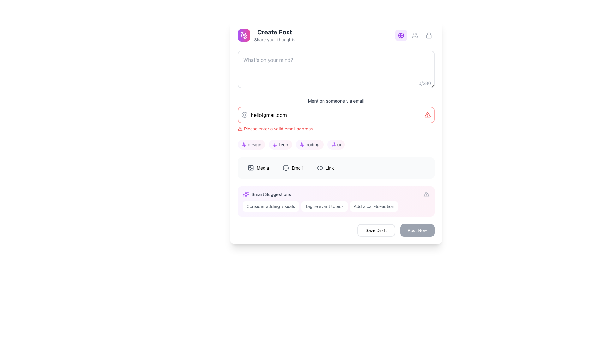  Describe the element at coordinates (245, 194) in the screenshot. I see `the central and largest star icon in the 'Smart Suggestions' section located in the lower right of the feature box` at that location.